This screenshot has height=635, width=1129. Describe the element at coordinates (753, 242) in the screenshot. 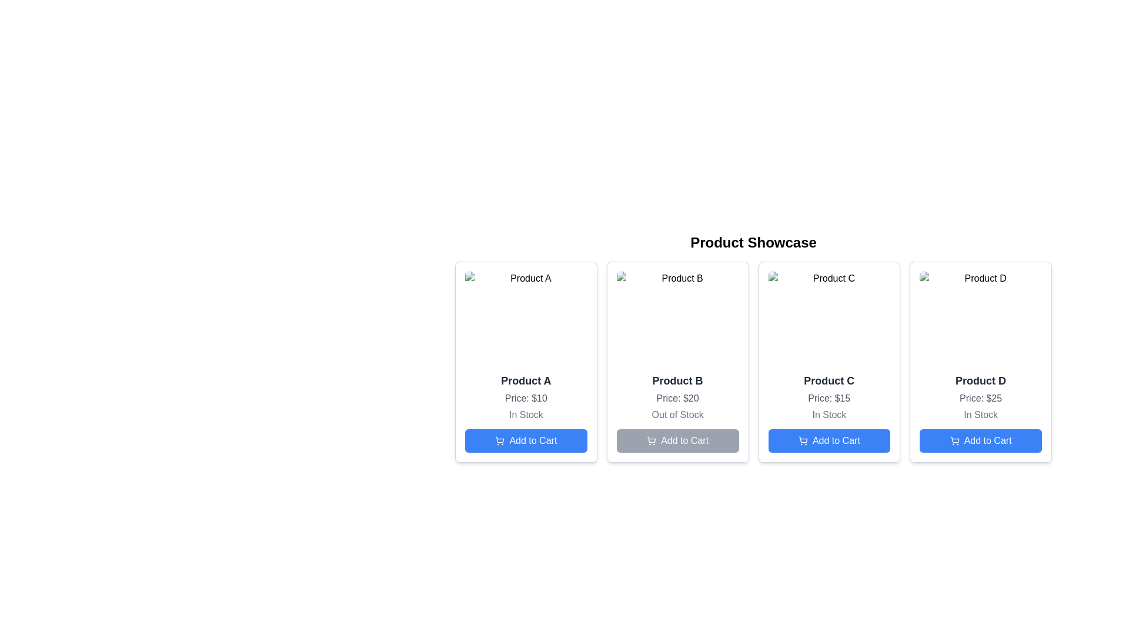

I see `the bold and large text label displaying 'Product Showcase', which is positioned at the top of the section containing product cards` at that location.